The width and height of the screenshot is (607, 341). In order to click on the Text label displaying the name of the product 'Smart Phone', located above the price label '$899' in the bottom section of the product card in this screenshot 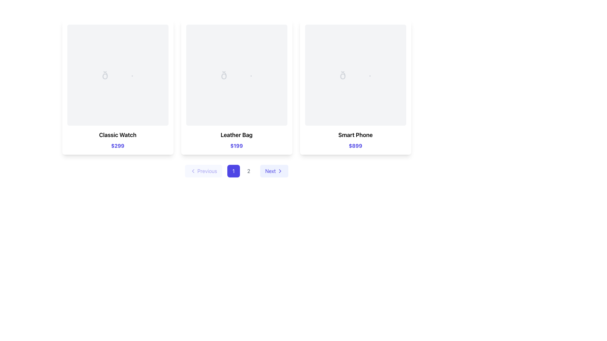, I will do `click(355, 135)`.